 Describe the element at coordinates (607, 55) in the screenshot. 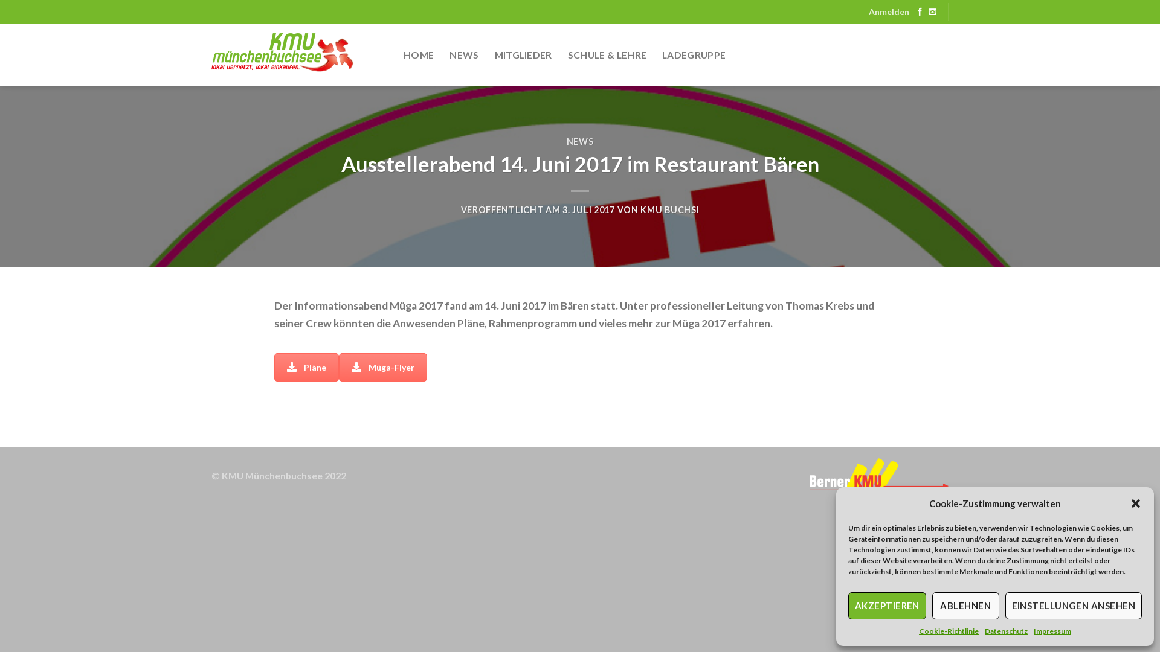

I see `'SCHULE & LEHRE'` at that location.